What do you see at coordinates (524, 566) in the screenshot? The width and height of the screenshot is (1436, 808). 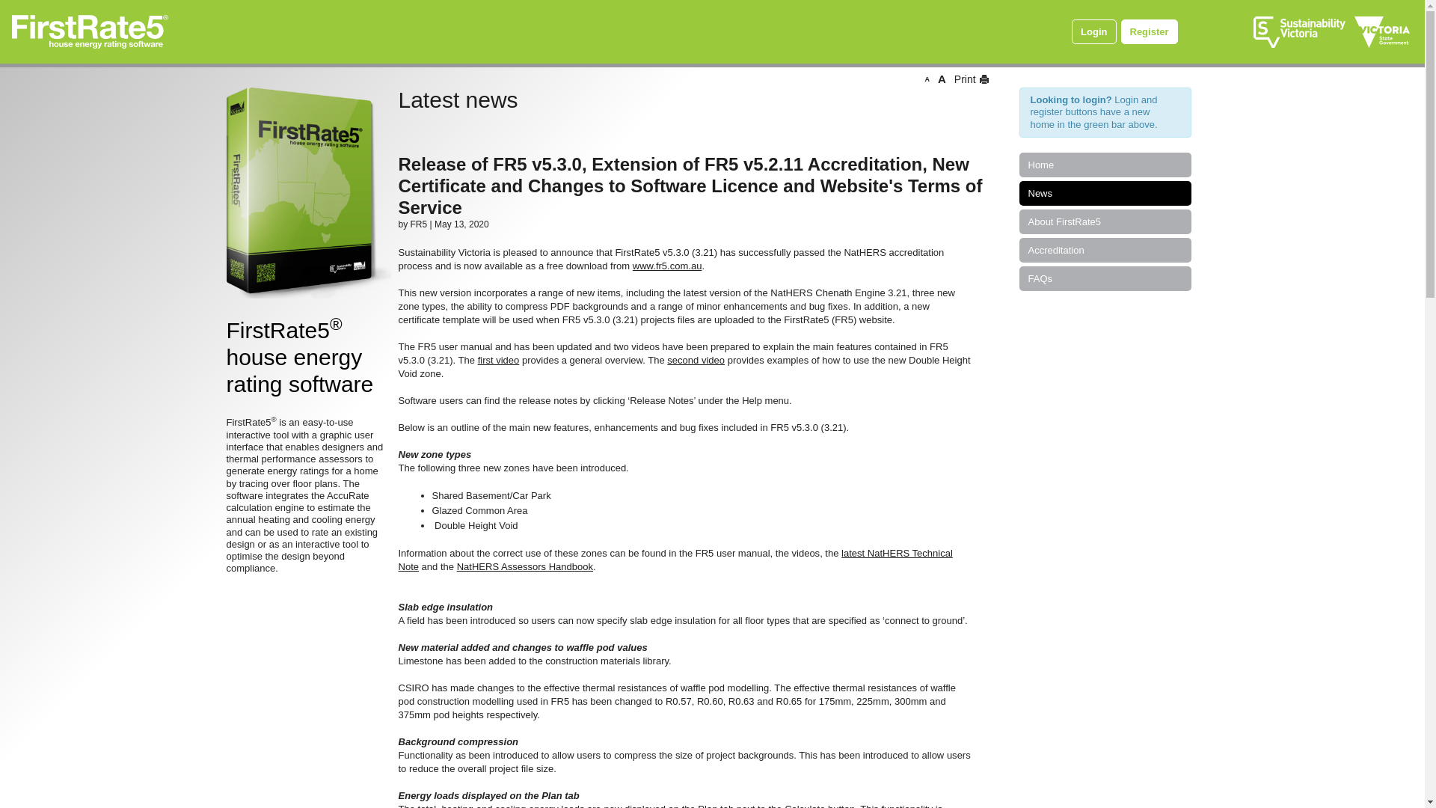 I see `'NatHERS Assessors Handbook'` at bounding box center [524, 566].